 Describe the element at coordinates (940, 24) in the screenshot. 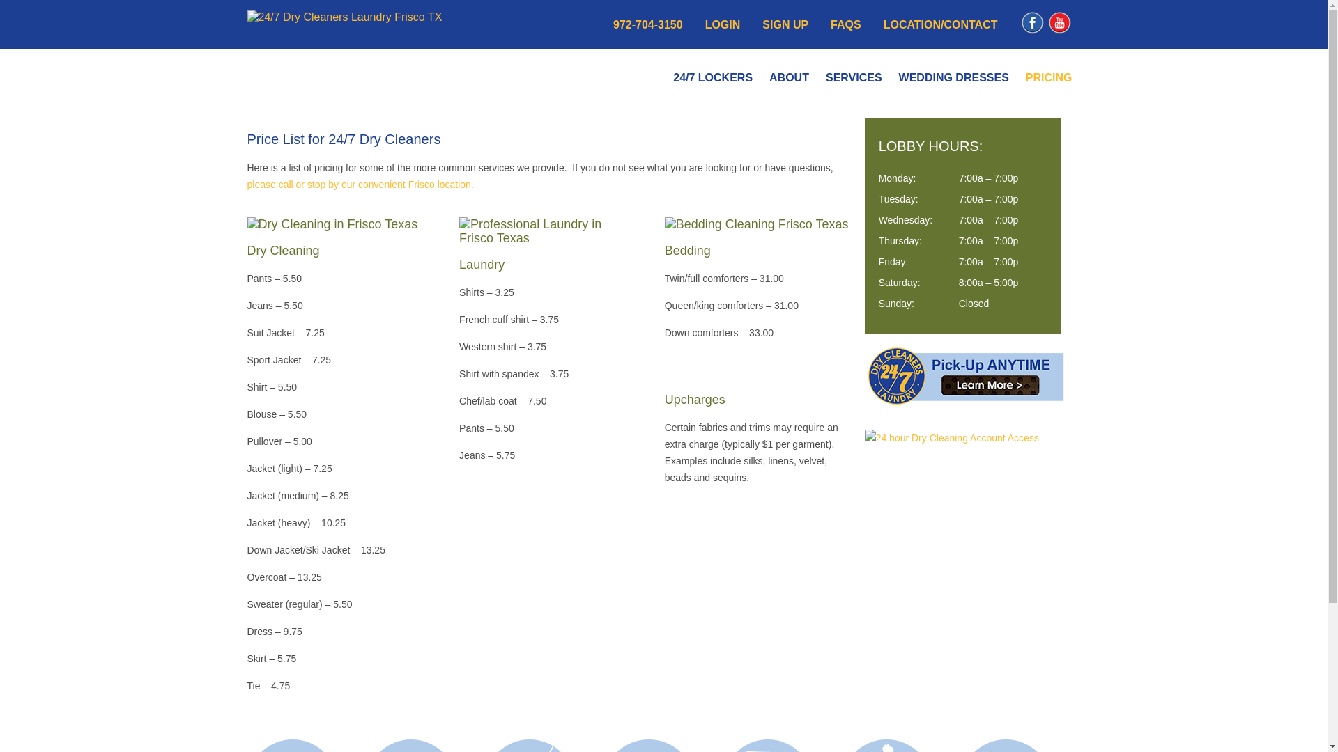

I see `'LOCATION/CONTACT'` at that location.